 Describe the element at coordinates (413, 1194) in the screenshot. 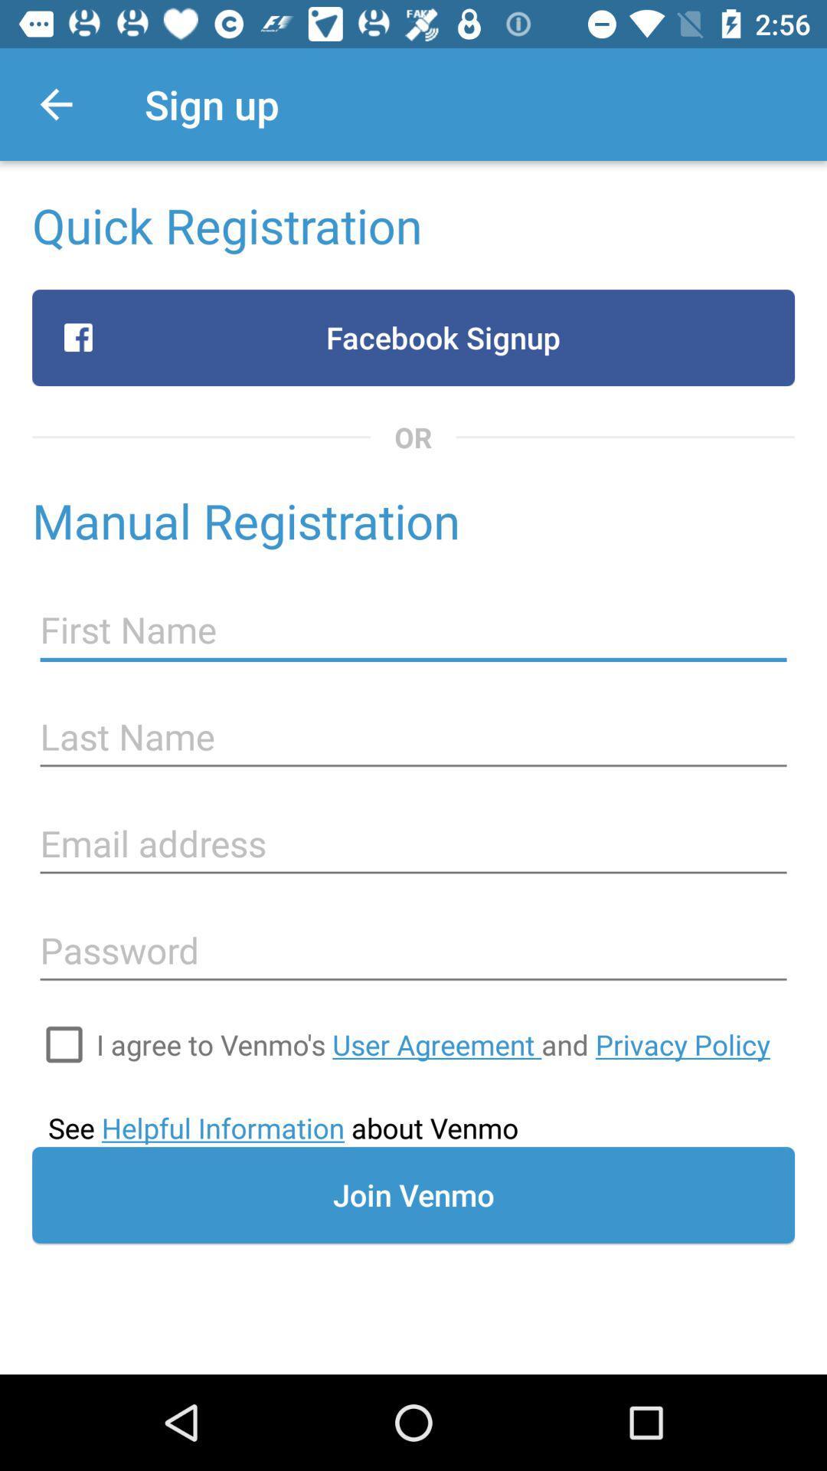

I see `the join venmo icon` at that location.